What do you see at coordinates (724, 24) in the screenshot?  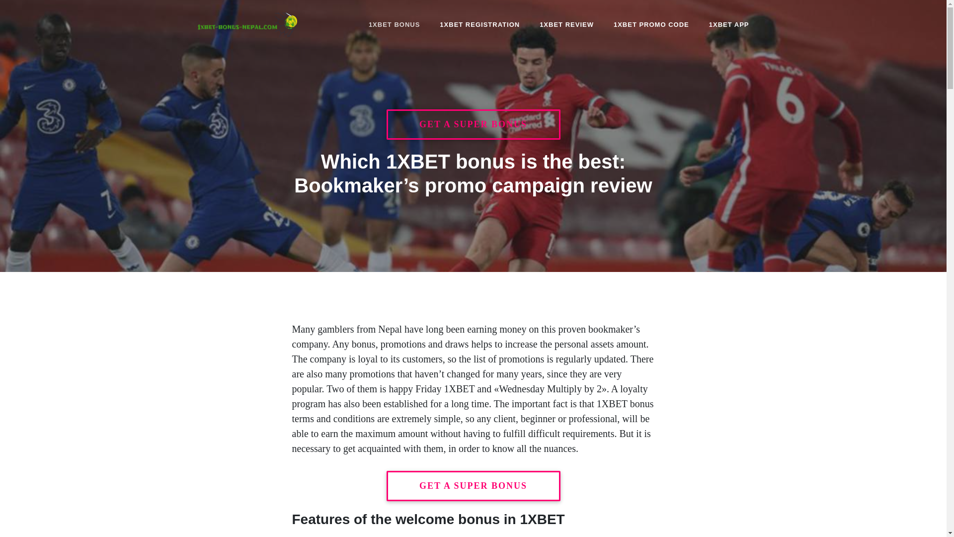 I see `'1XBET APP'` at bounding box center [724, 24].